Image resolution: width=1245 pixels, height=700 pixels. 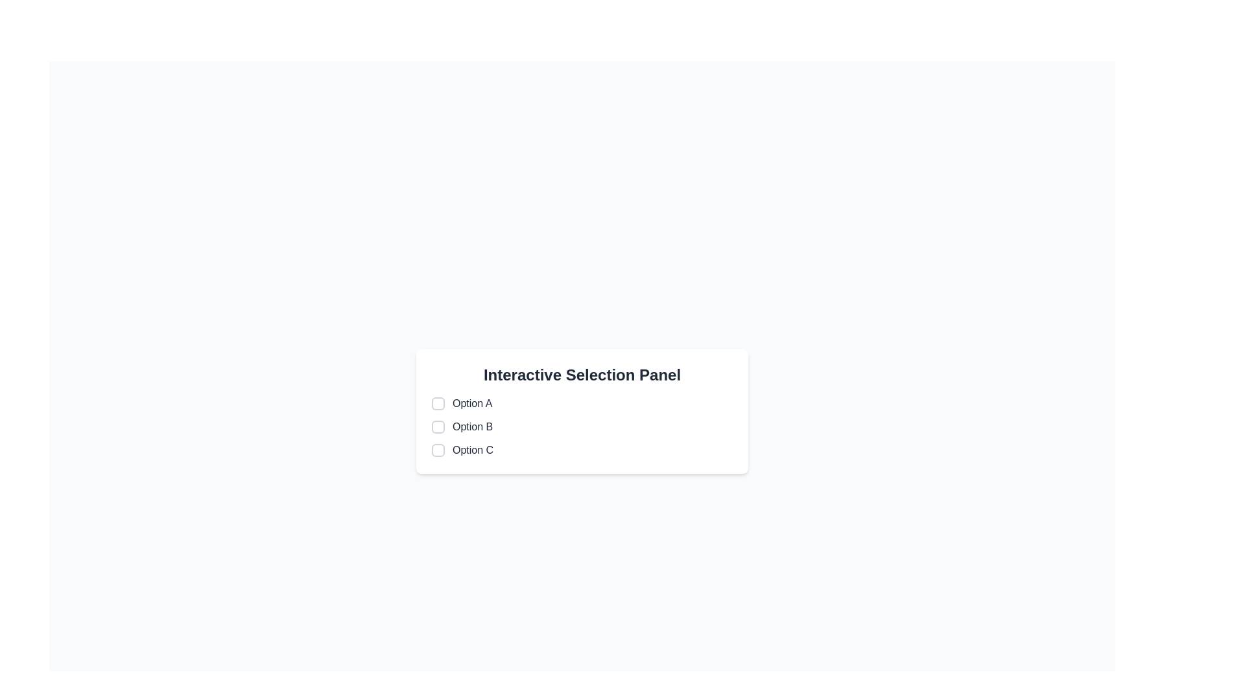 What do you see at coordinates (438, 427) in the screenshot?
I see `the checkbox located to the immediate left of the label 'Option B' in the vertical list within the 'Interactive Selection Panel'` at bounding box center [438, 427].